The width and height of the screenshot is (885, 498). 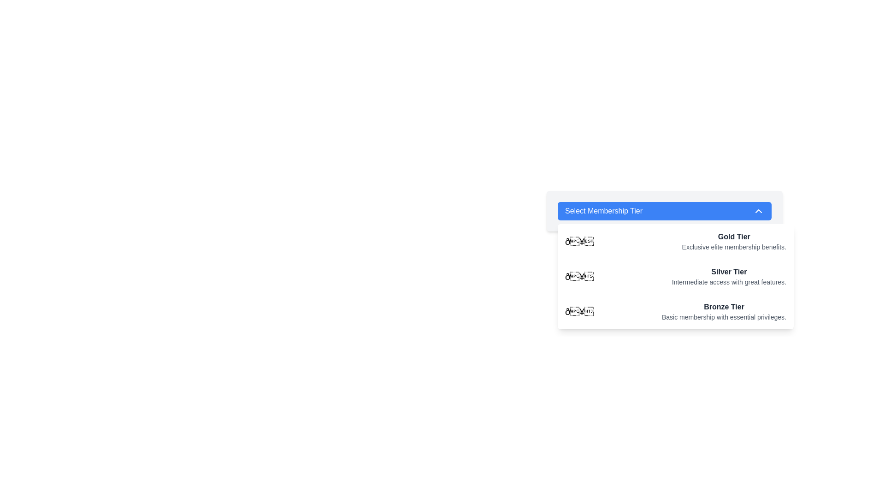 I want to click on the 'Silver Tier' list item in the dropdown, so click(x=675, y=276).